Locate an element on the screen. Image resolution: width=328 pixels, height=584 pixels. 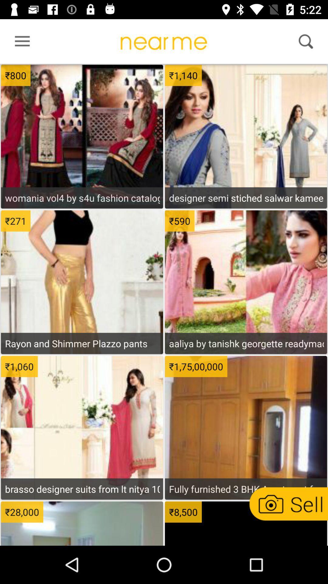
rayon and shimmer is located at coordinates (82, 343).